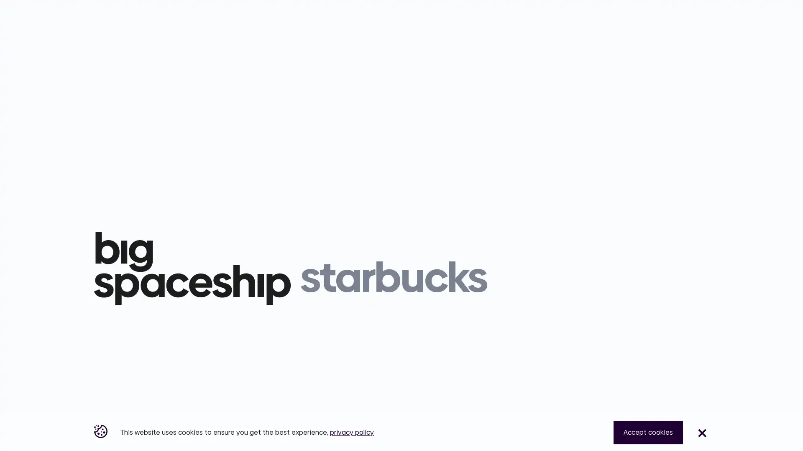 The height and width of the screenshot is (451, 803). I want to click on Close, so click(702, 433).